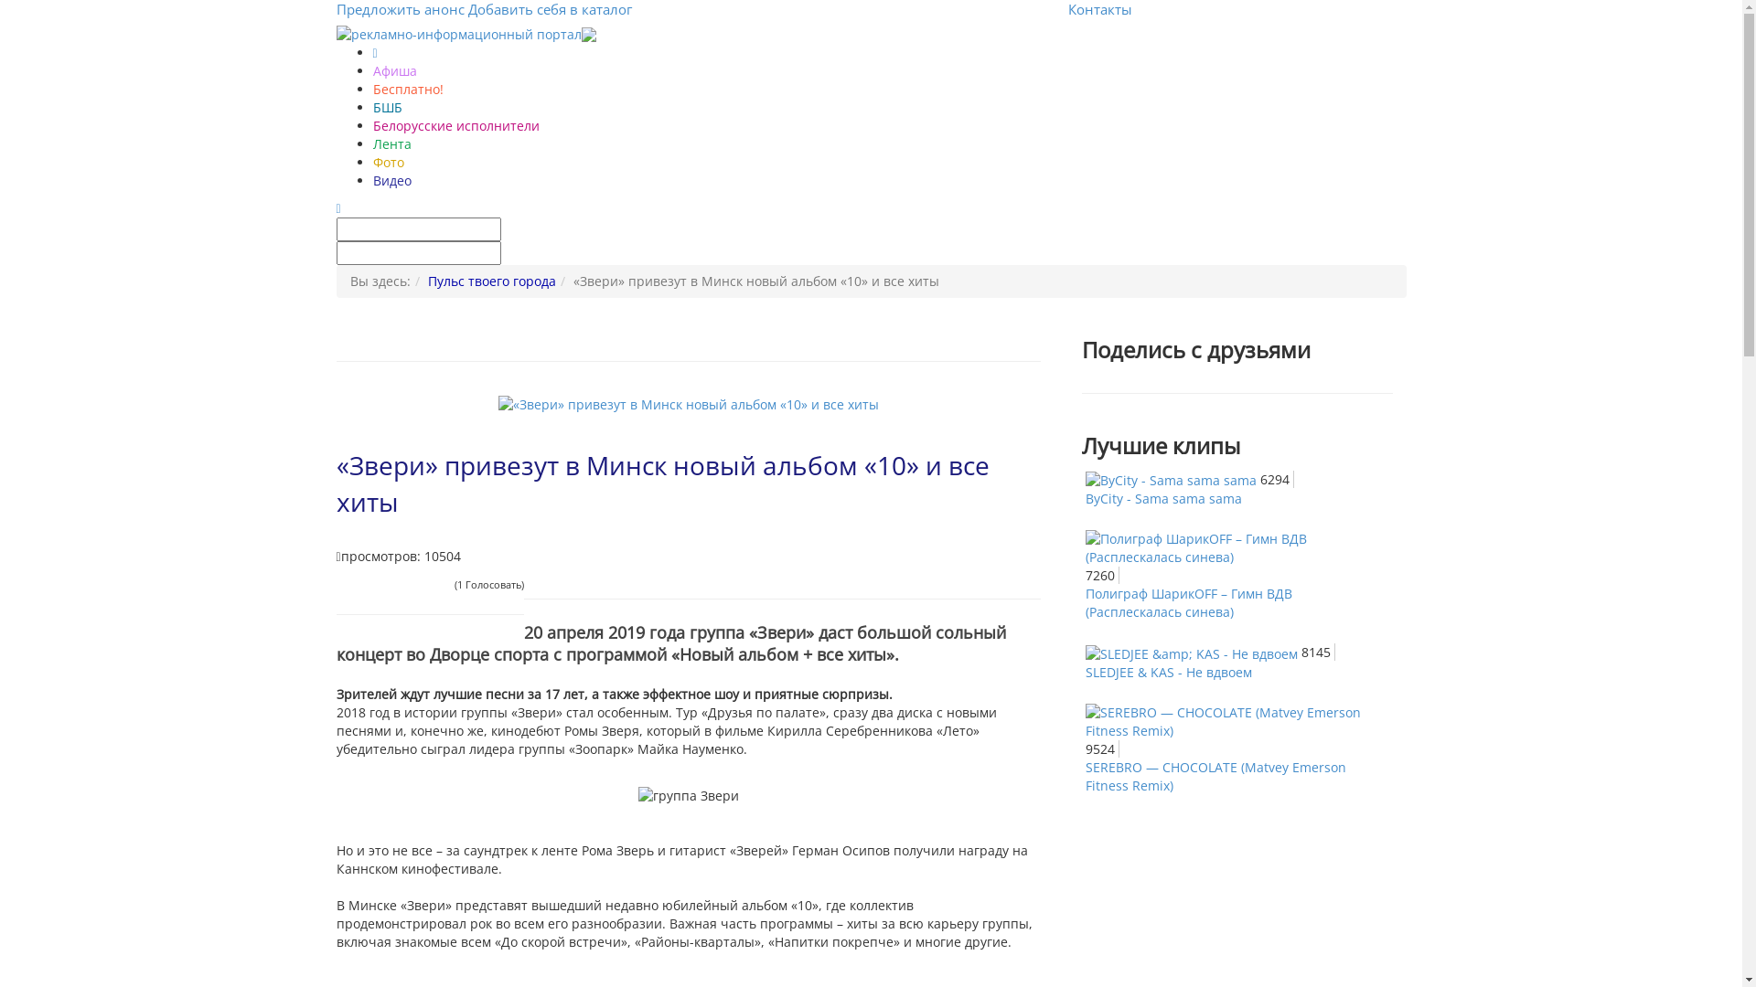 The height and width of the screenshot is (987, 1756). I want to click on '5', so click(392, 584).